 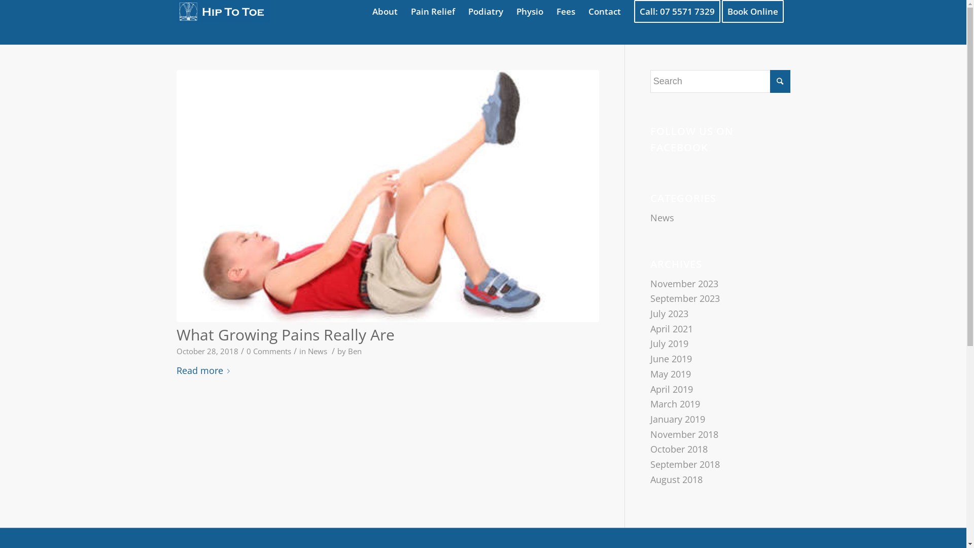 I want to click on 'Podiatry', so click(x=485, y=11).